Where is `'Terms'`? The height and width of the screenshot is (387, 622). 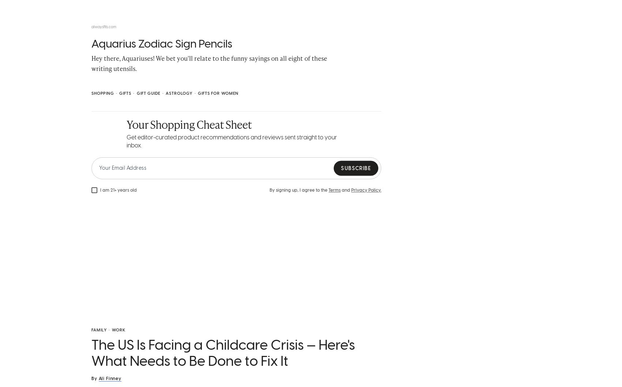
'Terms' is located at coordinates (334, 191).